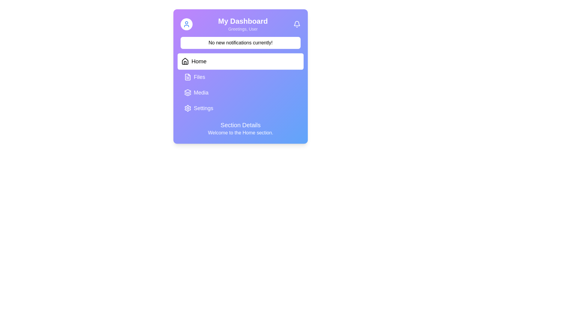 This screenshot has width=576, height=324. What do you see at coordinates (240, 77) in the screenshot?
I see `the 'Files' button located in the vertical menu, which is the second button below the 'Home' button and above the 'Media' button` at bounding box center [240, 77].